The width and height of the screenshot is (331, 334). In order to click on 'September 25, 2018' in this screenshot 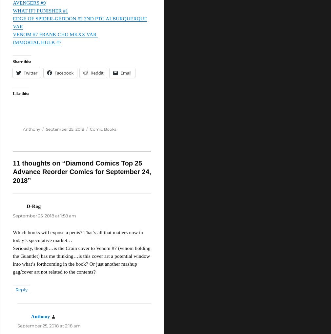, I will do `click(45, 129)`.